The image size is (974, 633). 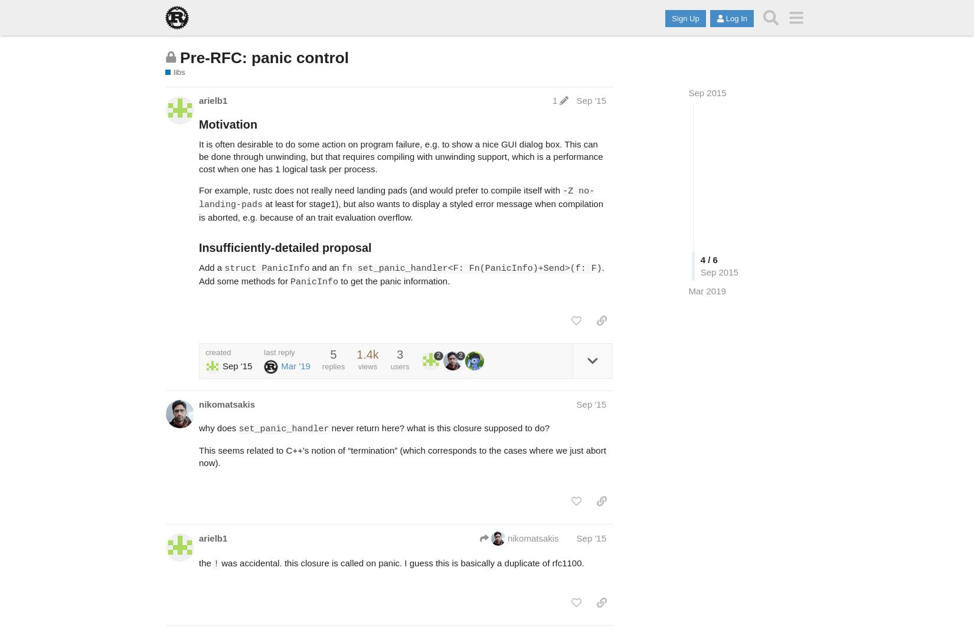 What do you see at coordinates (400, 273) in the screenshot?
I see `'. Add some methods for'` at bounding box center [400, 273].